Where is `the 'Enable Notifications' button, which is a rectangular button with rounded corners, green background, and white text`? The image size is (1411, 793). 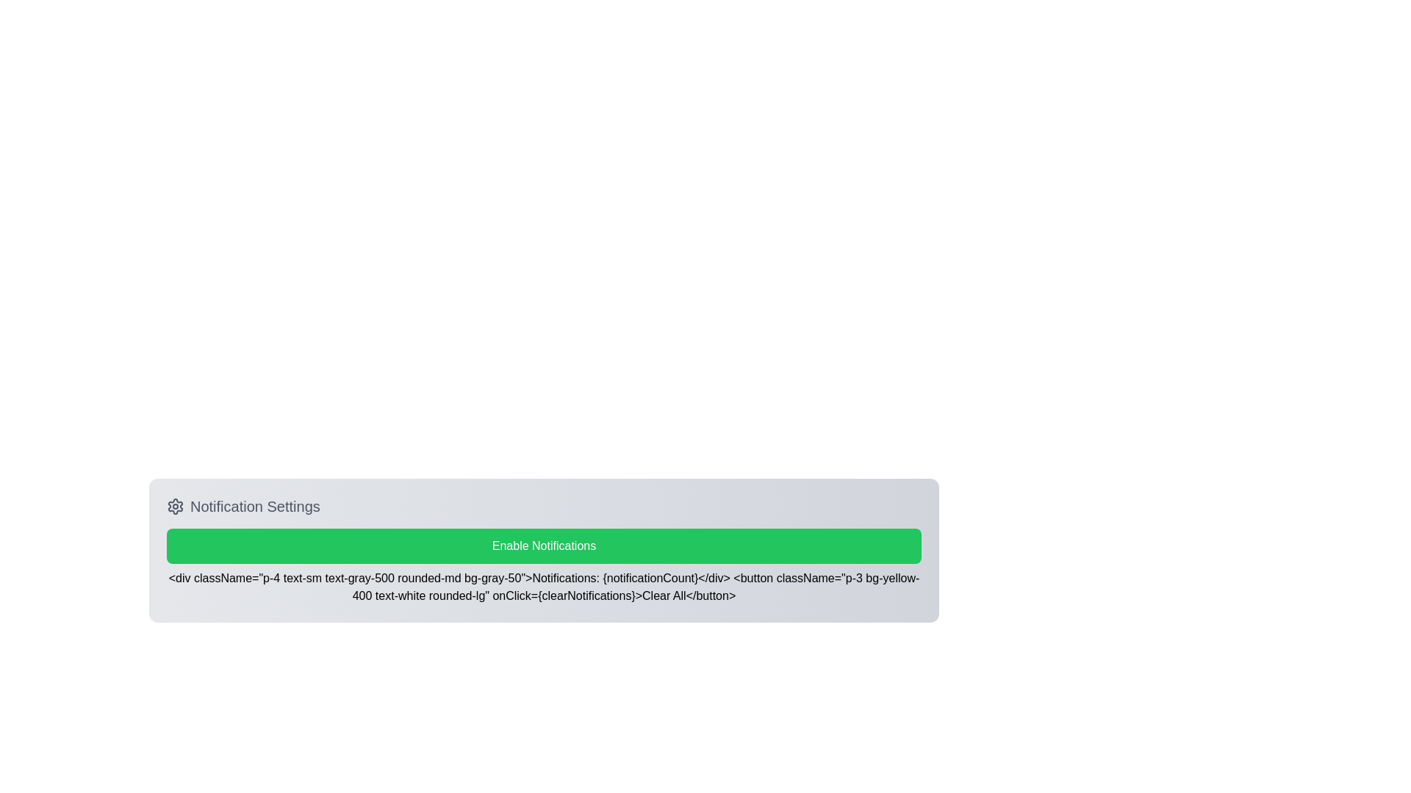
the 'Enable Notifications' button, which is a rectangular button with rounded corners, green background, and white text is located at coordinates (543, 546).